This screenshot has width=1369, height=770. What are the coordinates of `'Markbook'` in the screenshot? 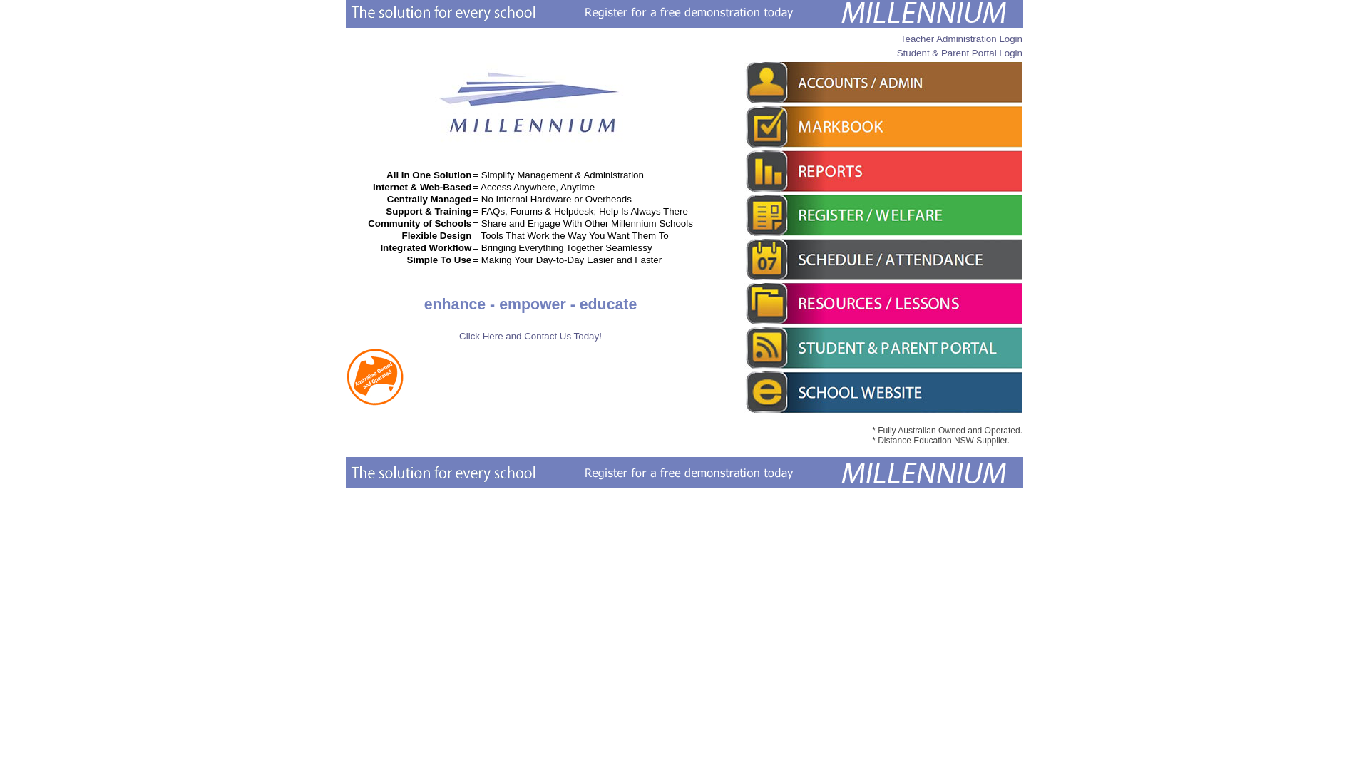 It's located at (882, 125).